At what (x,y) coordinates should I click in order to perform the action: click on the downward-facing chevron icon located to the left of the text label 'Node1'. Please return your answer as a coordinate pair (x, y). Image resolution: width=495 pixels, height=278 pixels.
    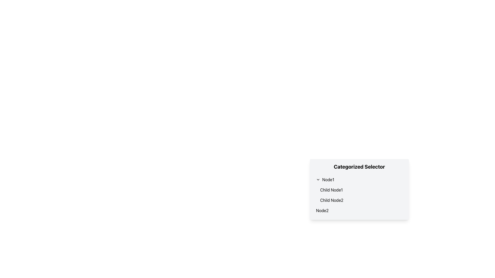
    Looking at the image, I should click on (318, 179).